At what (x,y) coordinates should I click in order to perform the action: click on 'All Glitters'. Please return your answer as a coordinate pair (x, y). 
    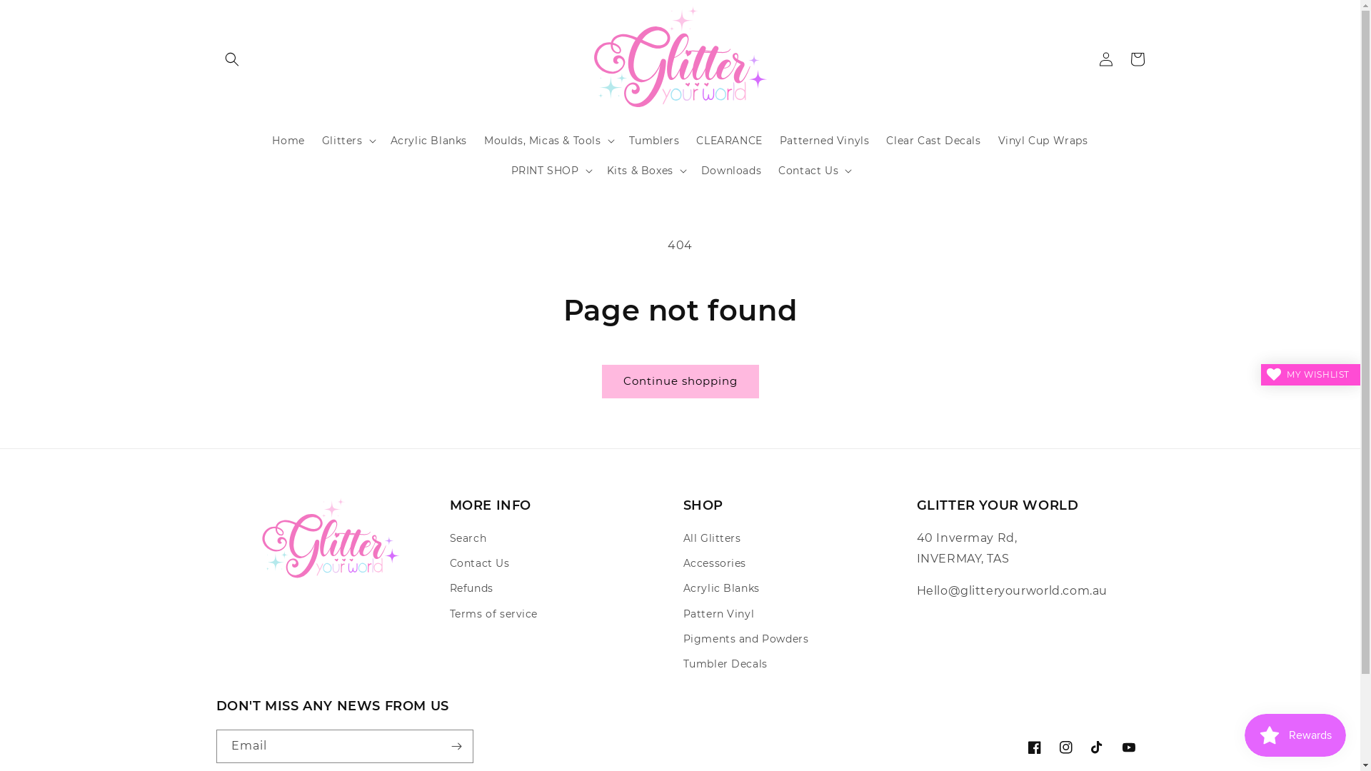
    Looking at the image, I should click on (711, 540).